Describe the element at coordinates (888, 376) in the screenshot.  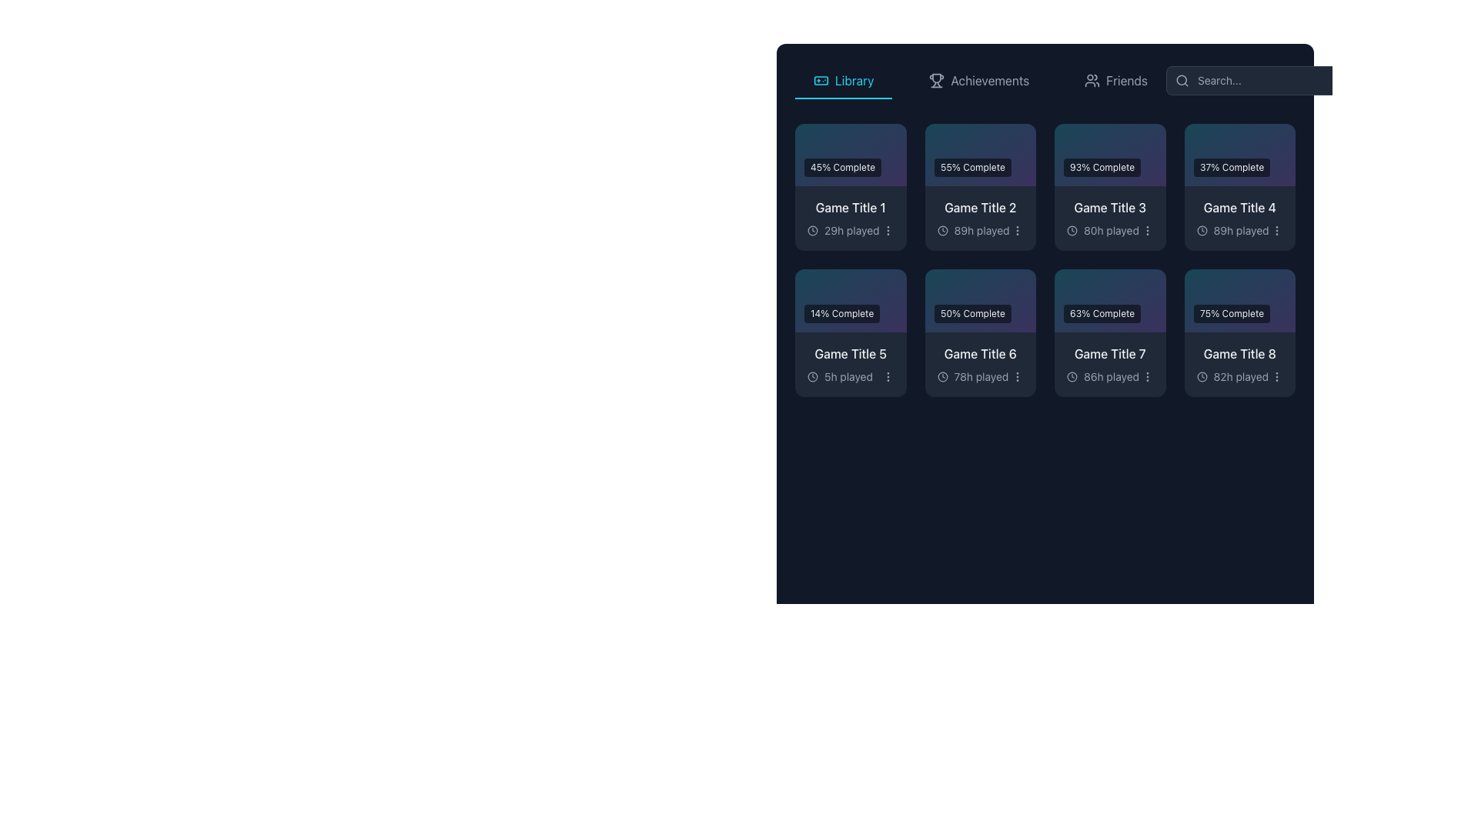
I see `the Vertical ellipsis icon, which is located at the far-right of the '5h played' label in the game card labeled 'Game Title 5'` at that location.